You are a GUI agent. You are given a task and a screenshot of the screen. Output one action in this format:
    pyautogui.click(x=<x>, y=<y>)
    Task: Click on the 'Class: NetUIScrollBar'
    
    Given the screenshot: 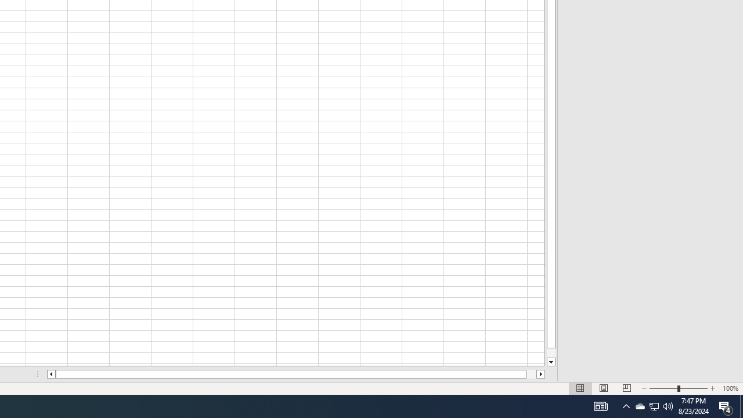 What is the action you would take?
    pyautogui.click(x=296, y=374)
    